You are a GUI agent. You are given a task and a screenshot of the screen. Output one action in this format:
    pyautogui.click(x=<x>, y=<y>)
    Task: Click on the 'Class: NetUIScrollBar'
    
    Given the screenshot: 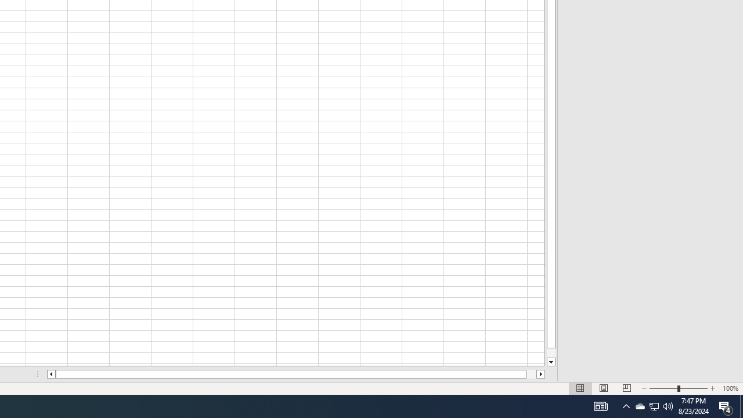 What is the action you would take?
    pyautogui.click(x=296, y=374)
    